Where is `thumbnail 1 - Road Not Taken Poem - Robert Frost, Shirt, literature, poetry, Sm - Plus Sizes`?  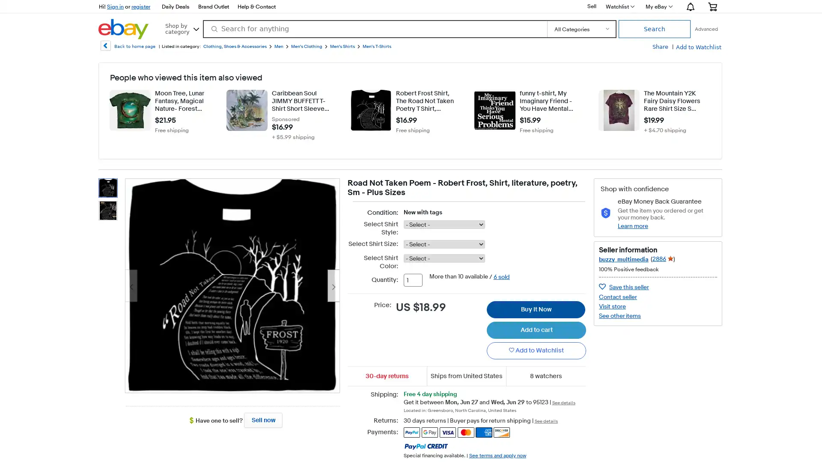 thumbnail 1 - Road Not Taken Poem - Robert Frost, Shirt, literature, poetry, Sm - Plus Sizes is located at coordinates (107, 187).